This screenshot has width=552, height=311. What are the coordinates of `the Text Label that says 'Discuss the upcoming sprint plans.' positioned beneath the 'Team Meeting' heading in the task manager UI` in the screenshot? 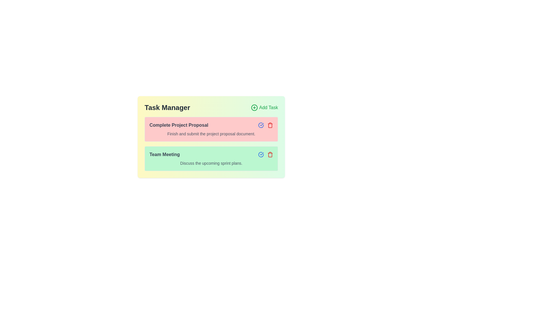 It's located at (211, 163).